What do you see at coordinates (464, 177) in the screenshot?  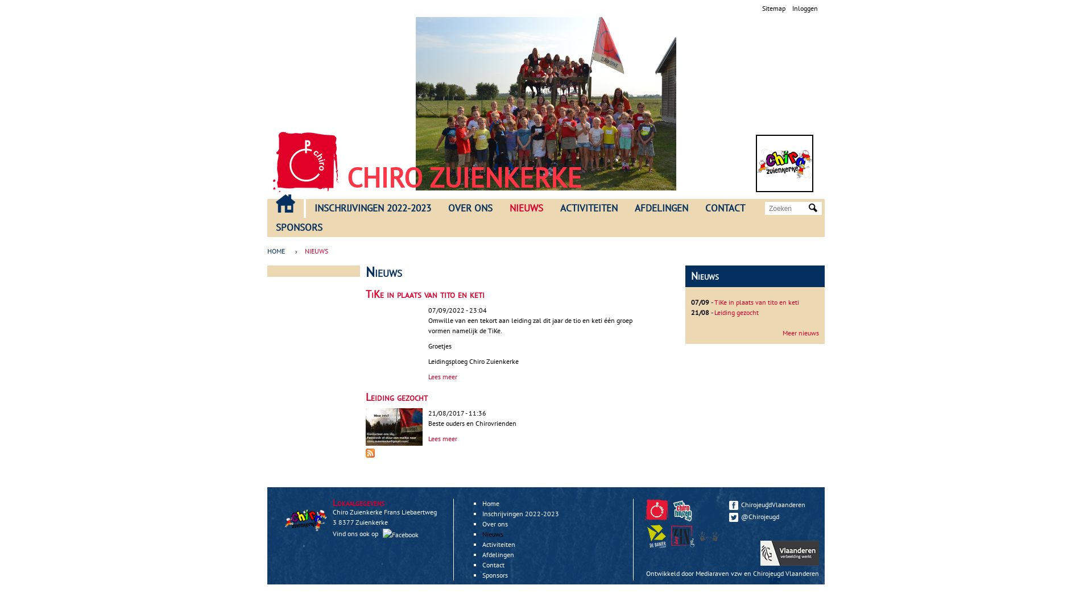 I see `'CHIRO ZUIENKERKE'` at bounding box center [464, 177].